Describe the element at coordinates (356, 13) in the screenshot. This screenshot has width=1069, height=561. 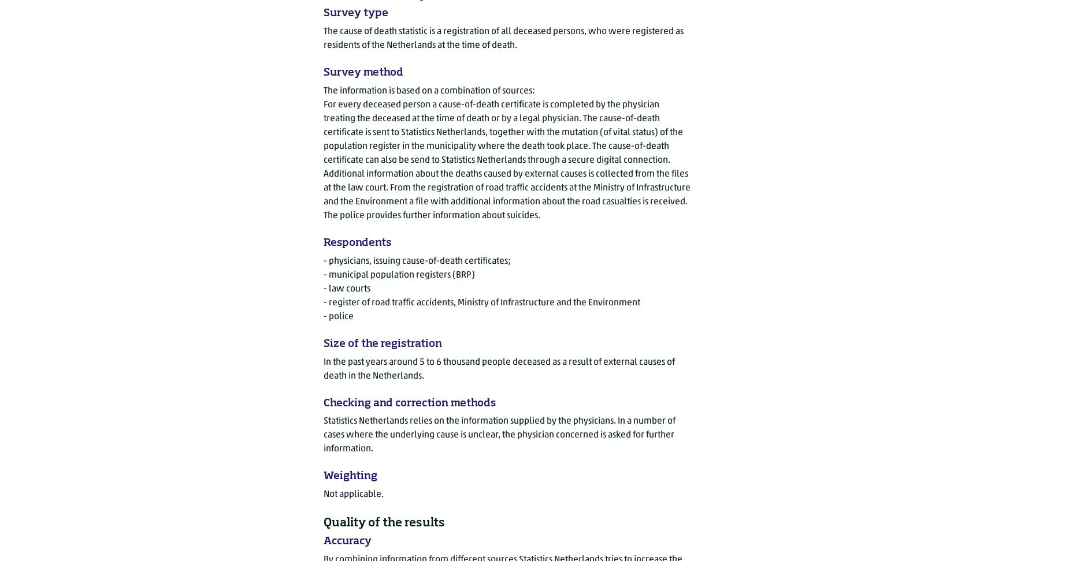
I see `'Survey type'` at that location.